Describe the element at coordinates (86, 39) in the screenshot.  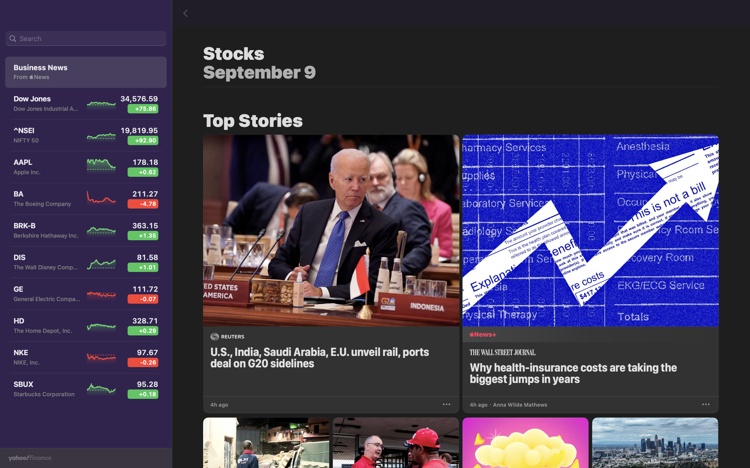
I see `Type "IBM" in the search bar located at top left and press enter` at that location.